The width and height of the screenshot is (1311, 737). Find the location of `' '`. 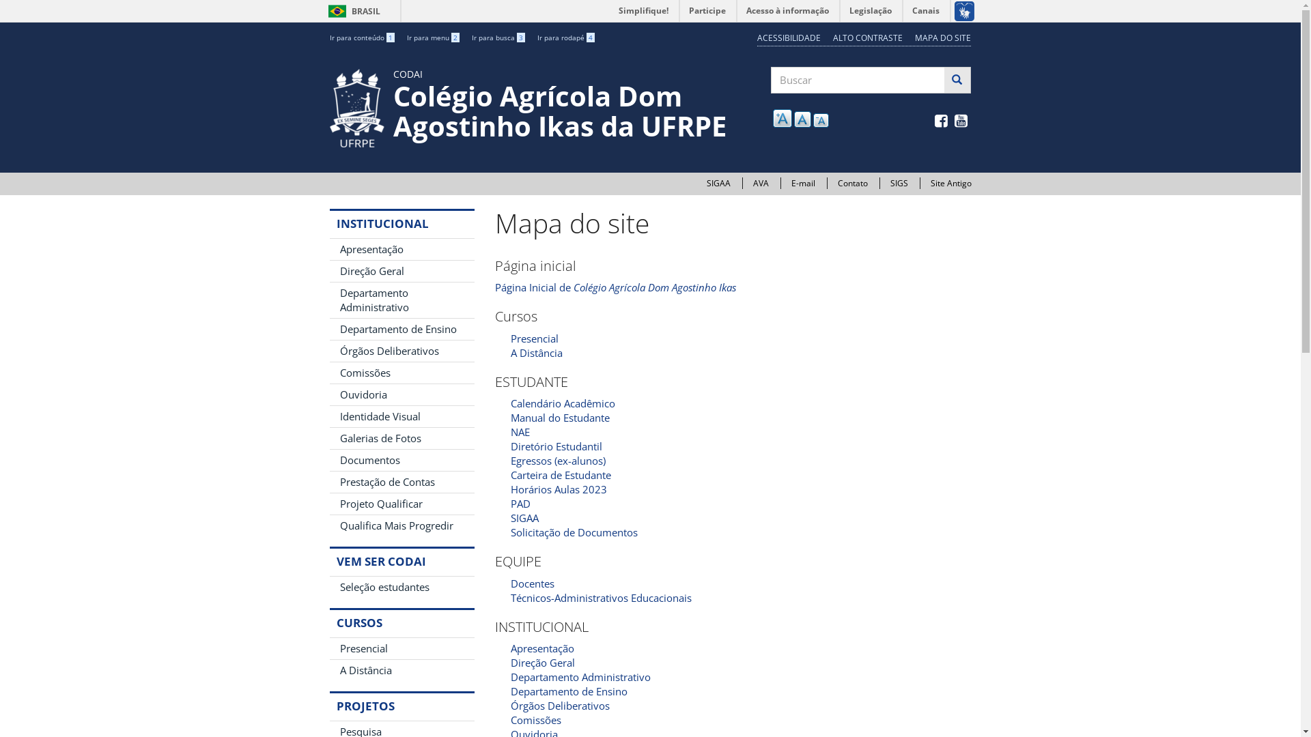

' ' is located at coordinates (961, 121).